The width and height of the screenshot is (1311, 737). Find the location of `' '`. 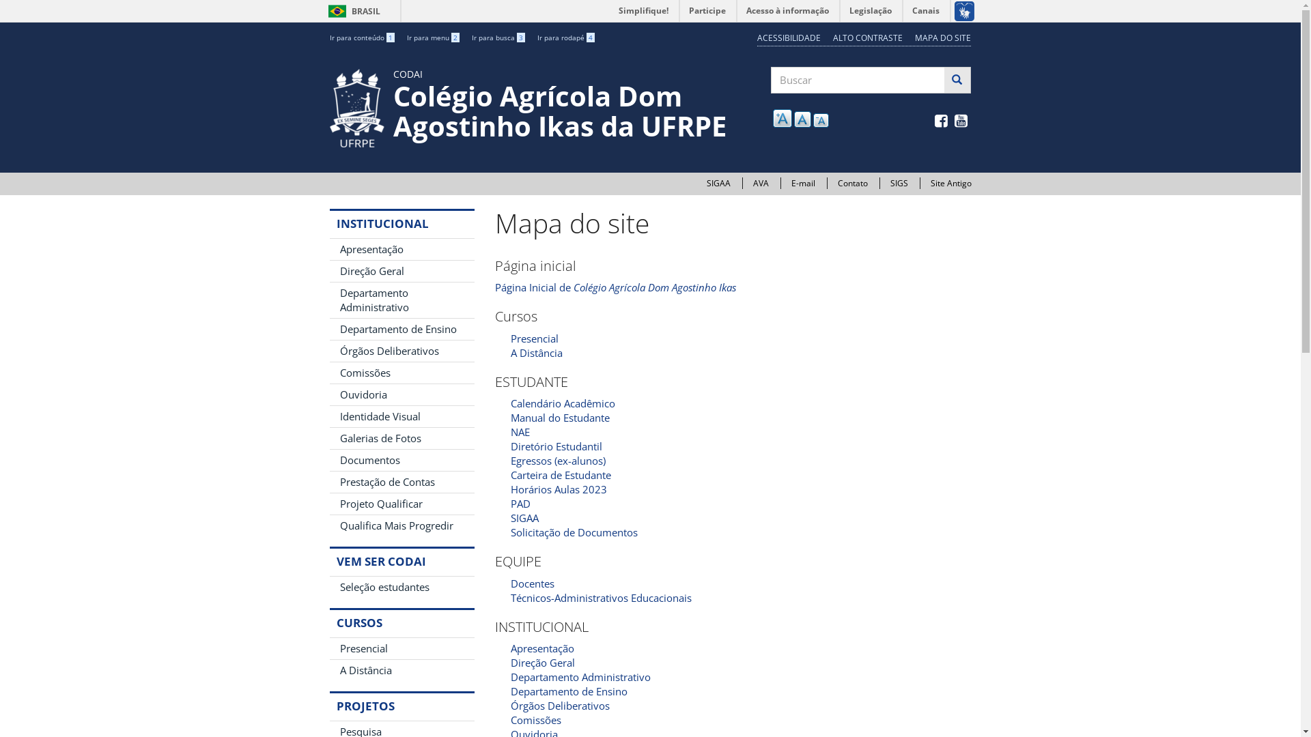

' ' is located at coordinates (961, 121).